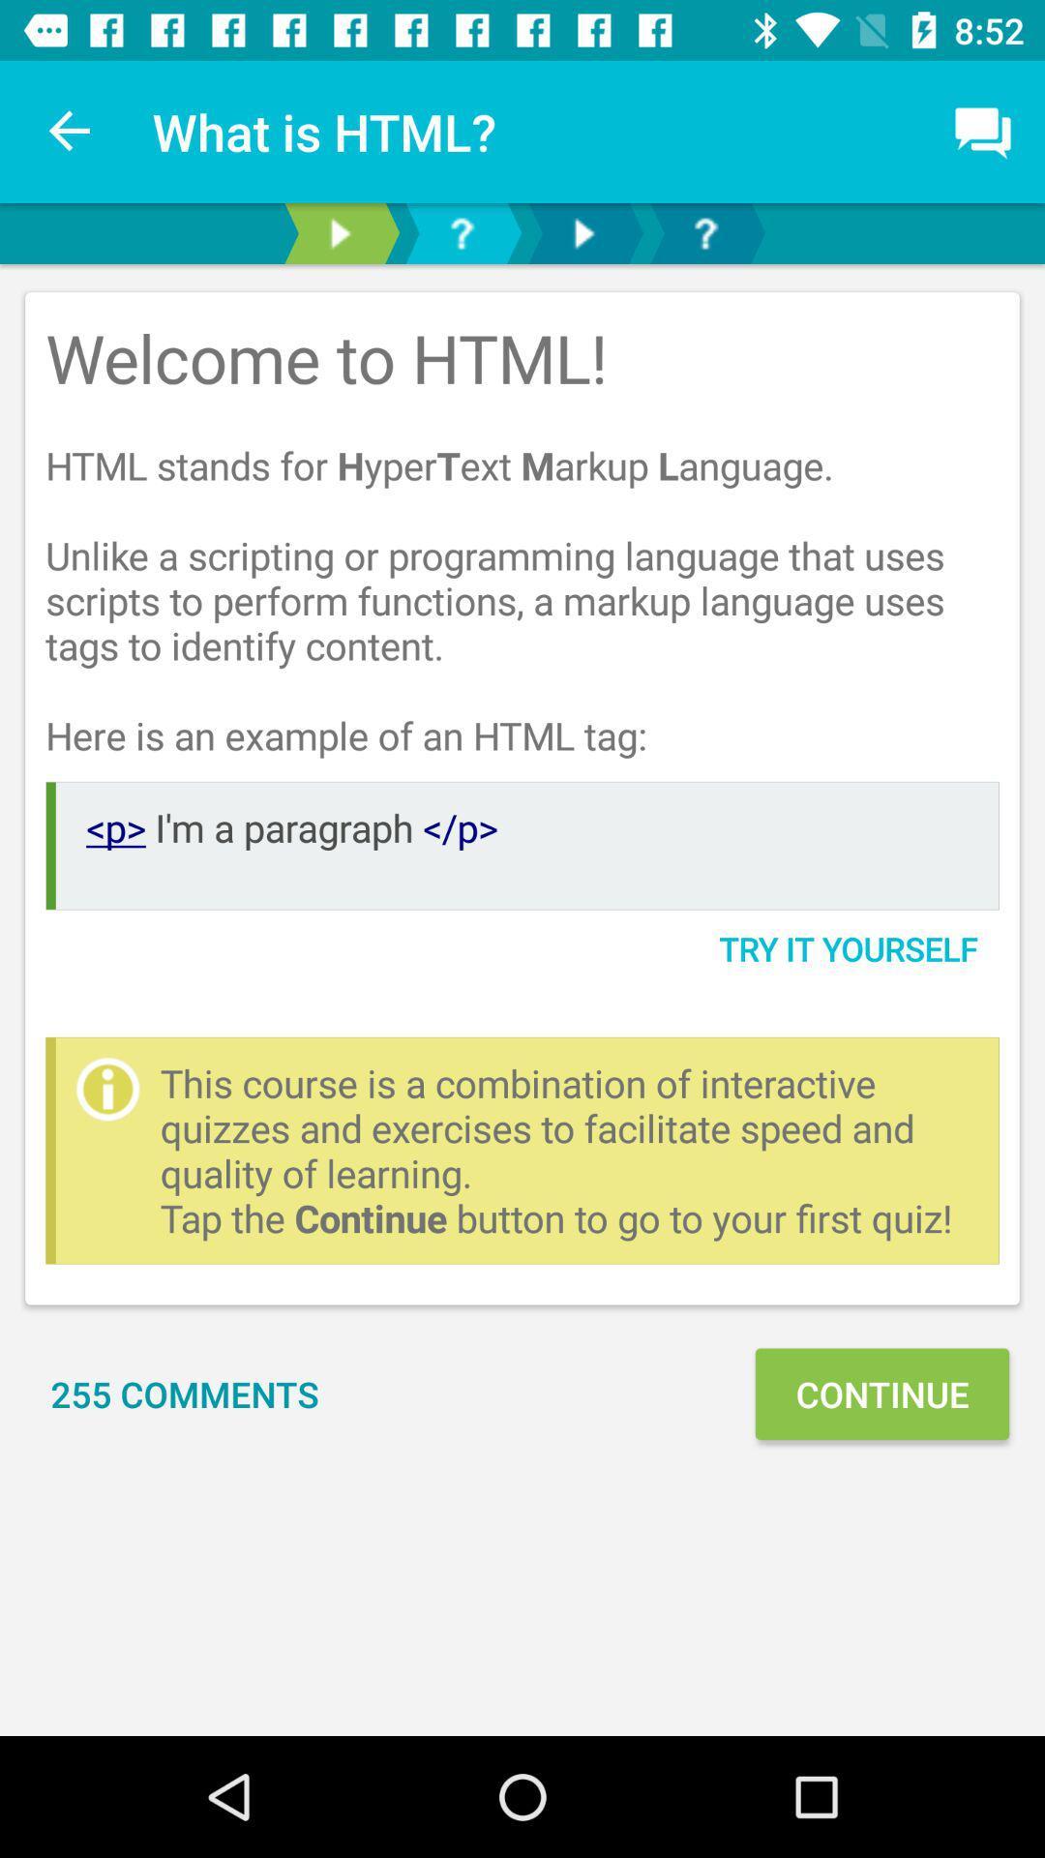  What do you see at coordinates (705, 232) in the screenshot?
I see `quiz` at bounding box center [705, 232].